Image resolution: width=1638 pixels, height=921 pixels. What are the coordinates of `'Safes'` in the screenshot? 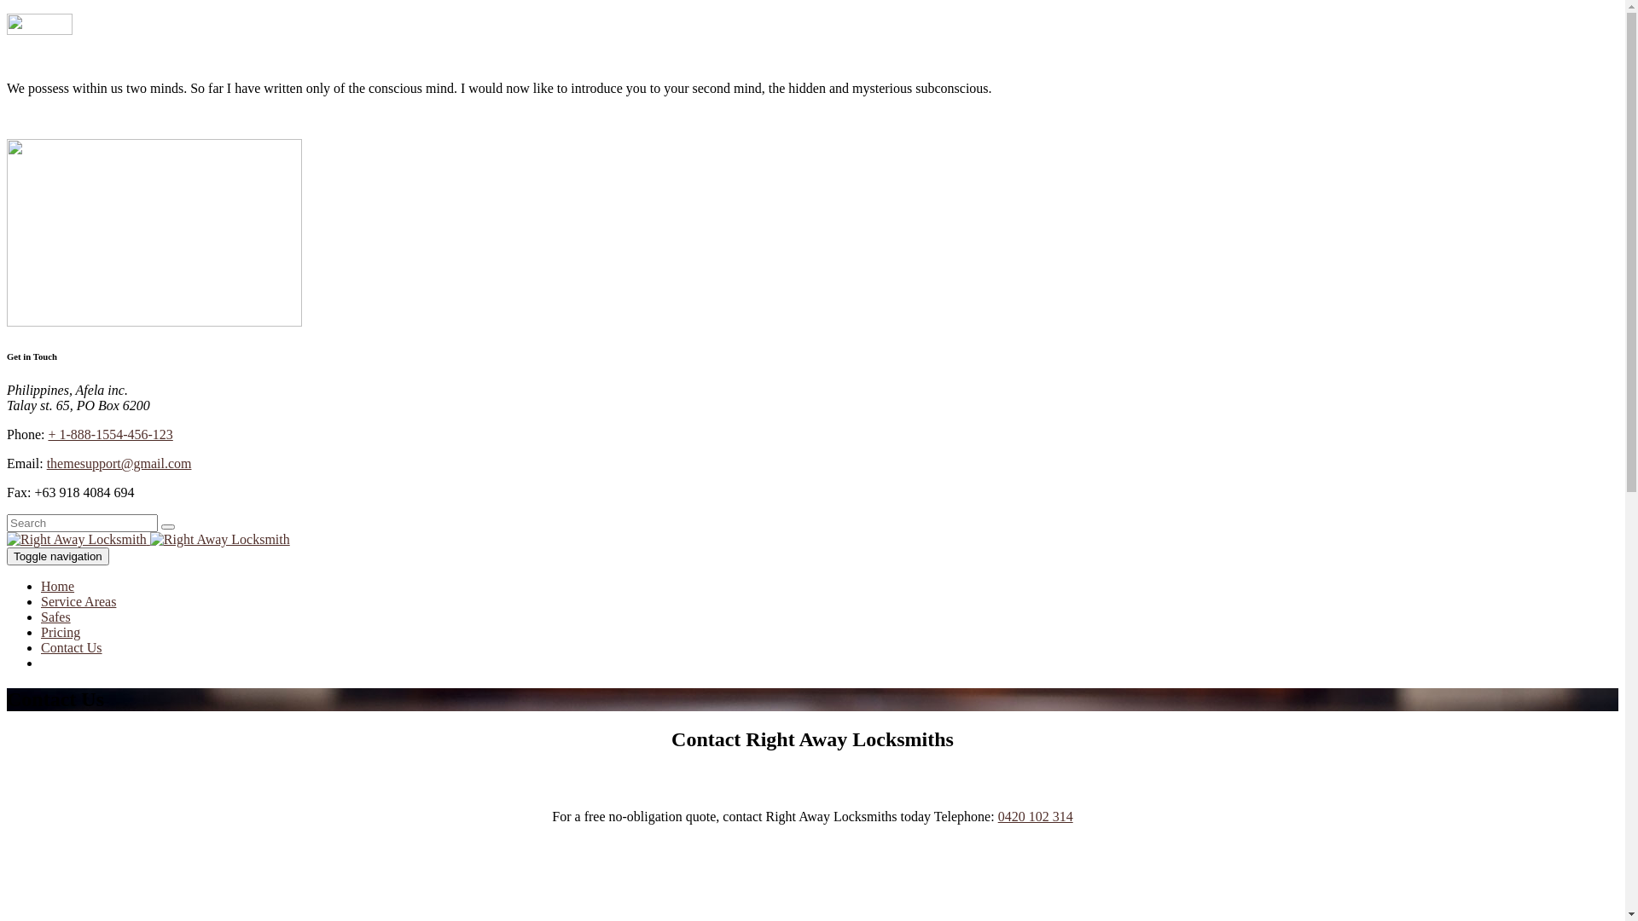 It's located at (55, 617).